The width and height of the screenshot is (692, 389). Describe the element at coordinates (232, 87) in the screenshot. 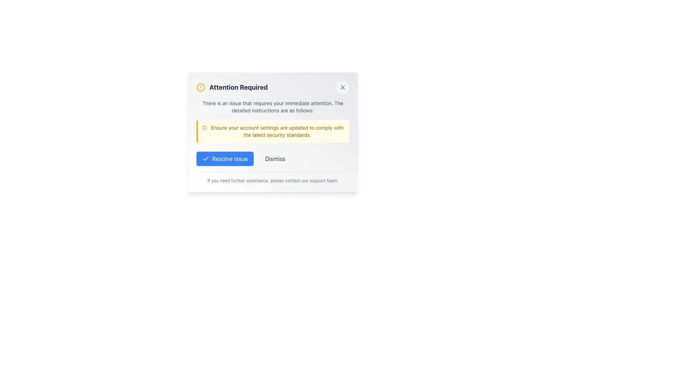

I see `the Text label with an accompanying icon located in the upper portion of the dialog box to draw attention to the message below` at that location.